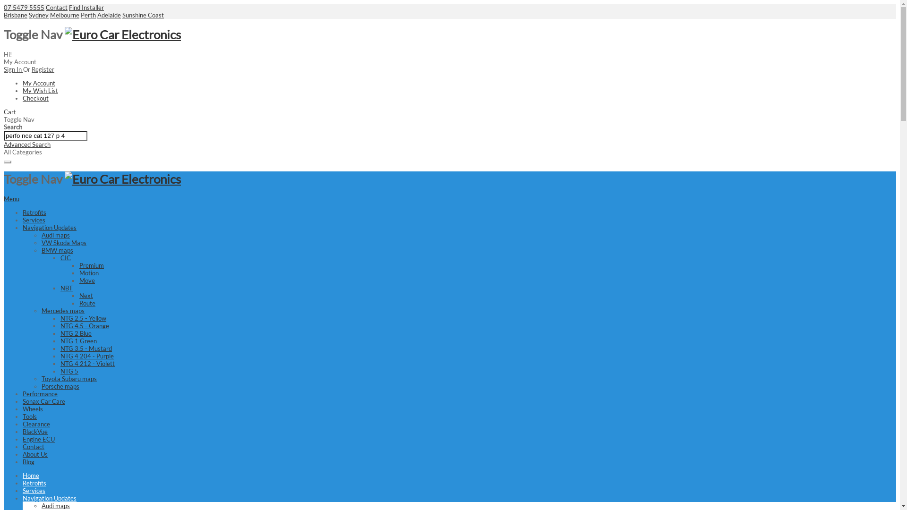 The image size is (907, 510). I want to click on 'Sunshine Coast', so click(142, 15).